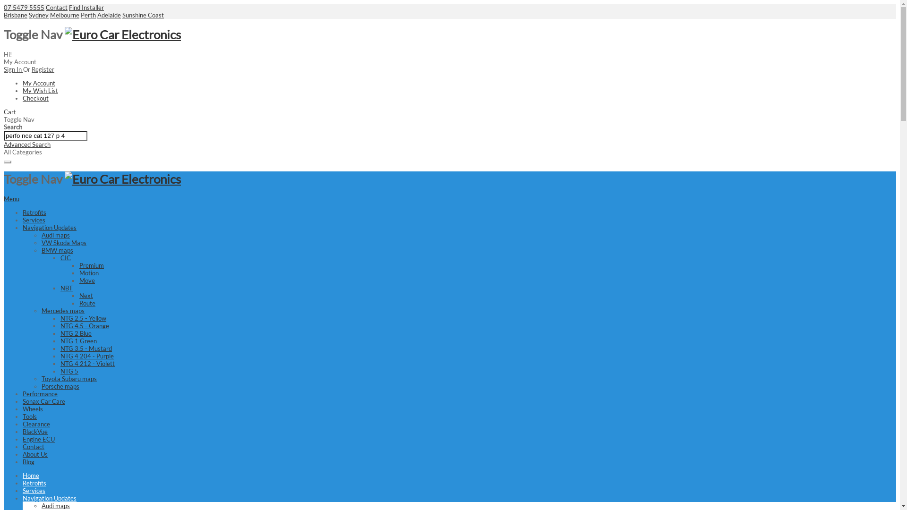 The image size is (907, 510). I want to click on 'Sunshine Coast', so click(142, 15).